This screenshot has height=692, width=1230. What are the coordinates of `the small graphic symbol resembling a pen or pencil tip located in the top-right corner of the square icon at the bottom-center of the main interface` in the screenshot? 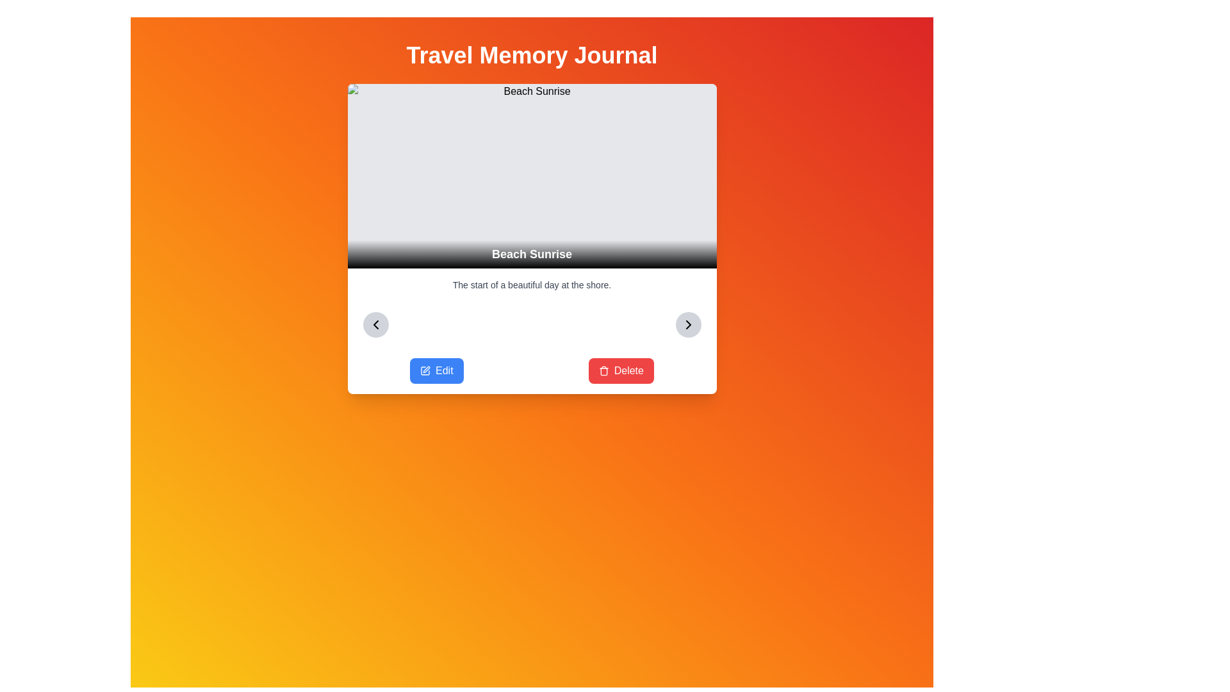 It's located at (427, 370).